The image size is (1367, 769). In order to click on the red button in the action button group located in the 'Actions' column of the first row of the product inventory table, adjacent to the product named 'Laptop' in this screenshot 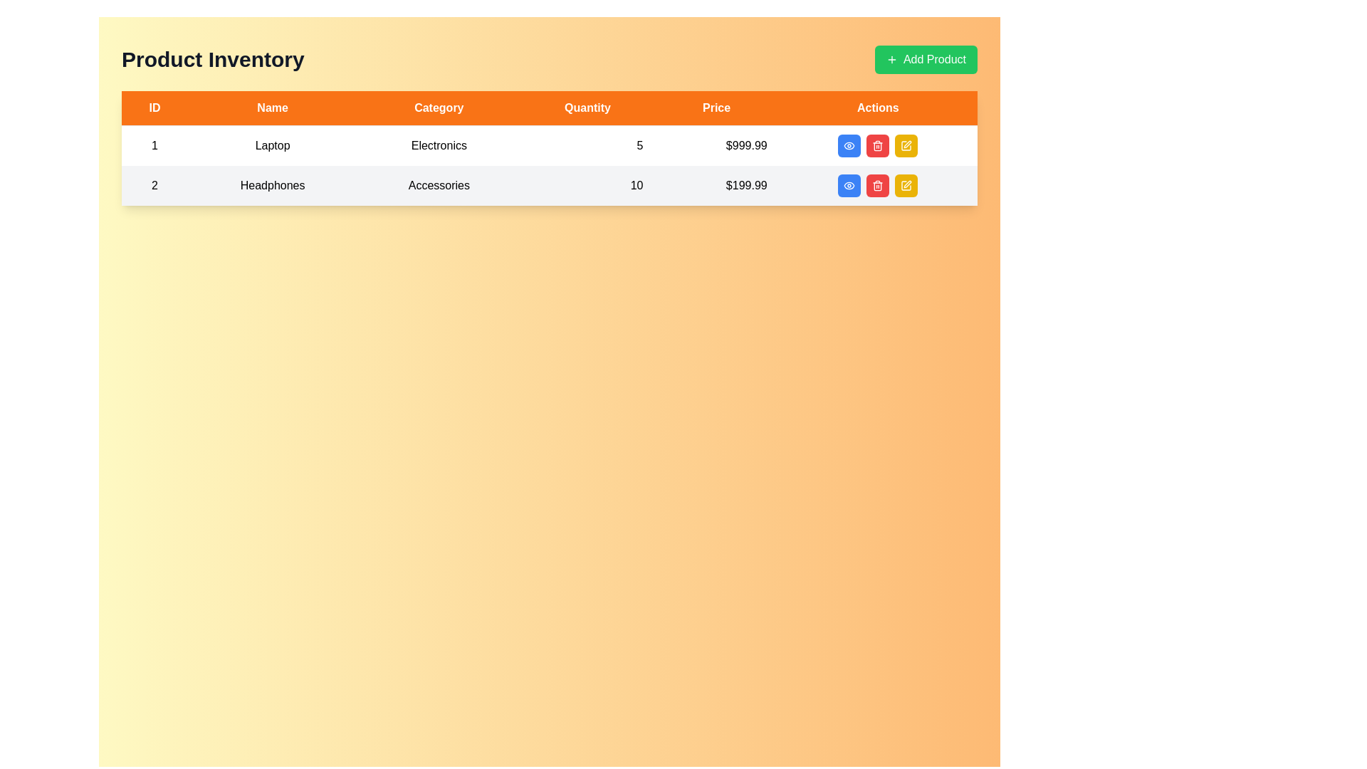, I will do `click(877, 145)`.